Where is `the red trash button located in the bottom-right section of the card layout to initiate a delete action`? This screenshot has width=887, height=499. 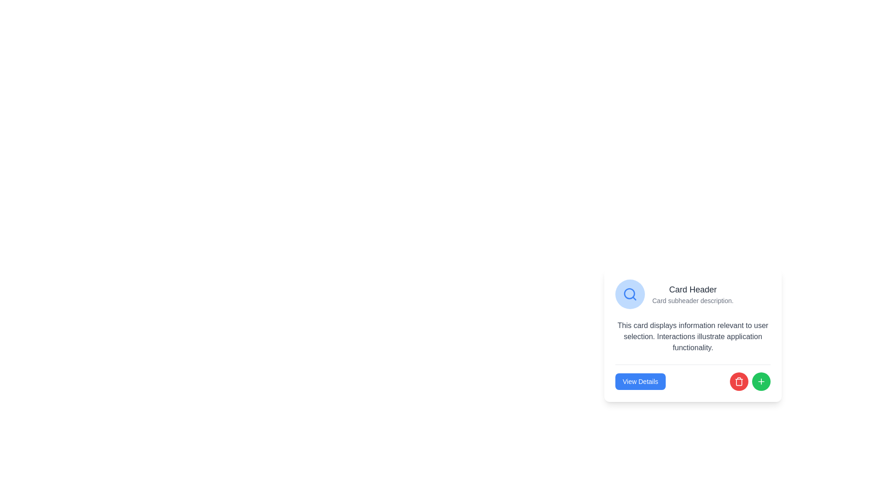
the red trash button located in the bottom-right section of the card layout to initiate a delete action is located at coordinates (750, 381).